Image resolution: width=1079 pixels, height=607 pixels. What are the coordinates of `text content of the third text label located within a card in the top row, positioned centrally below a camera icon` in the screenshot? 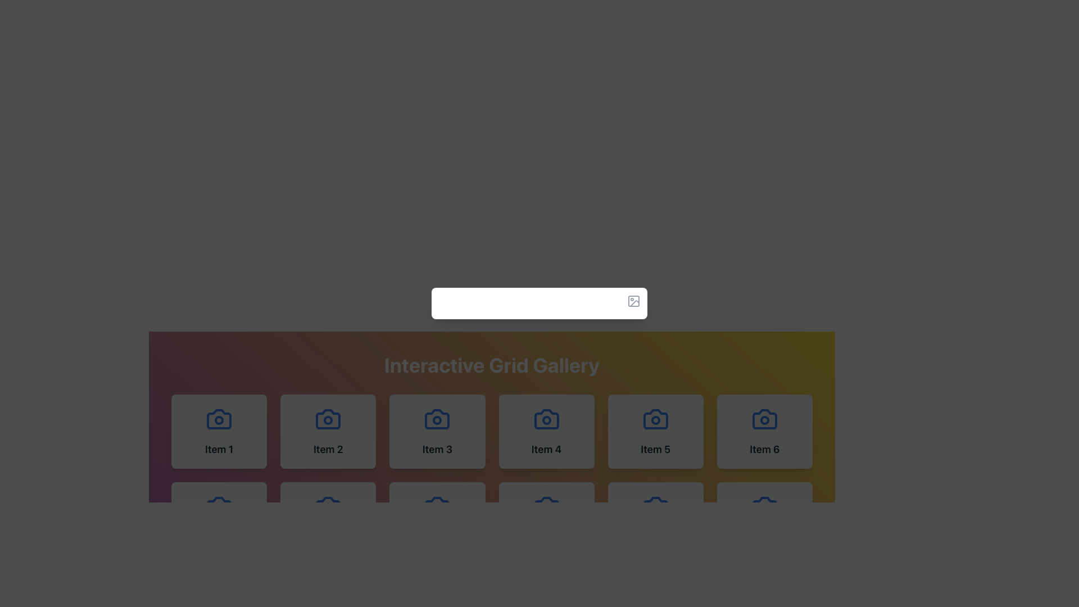 It's located at (437, 449).